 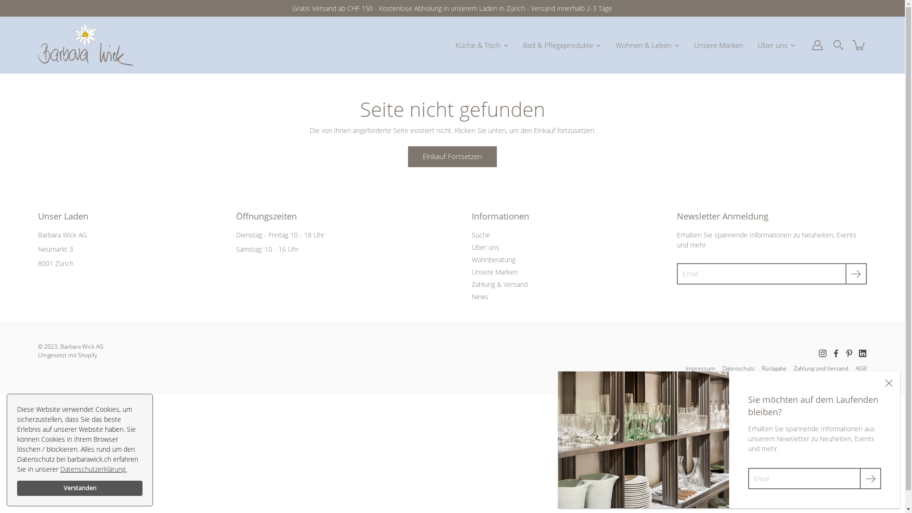 What do you see at coordinates (685, 368) in the screenshot?
I see `'Impressum'` at bounding box center [685, 368].